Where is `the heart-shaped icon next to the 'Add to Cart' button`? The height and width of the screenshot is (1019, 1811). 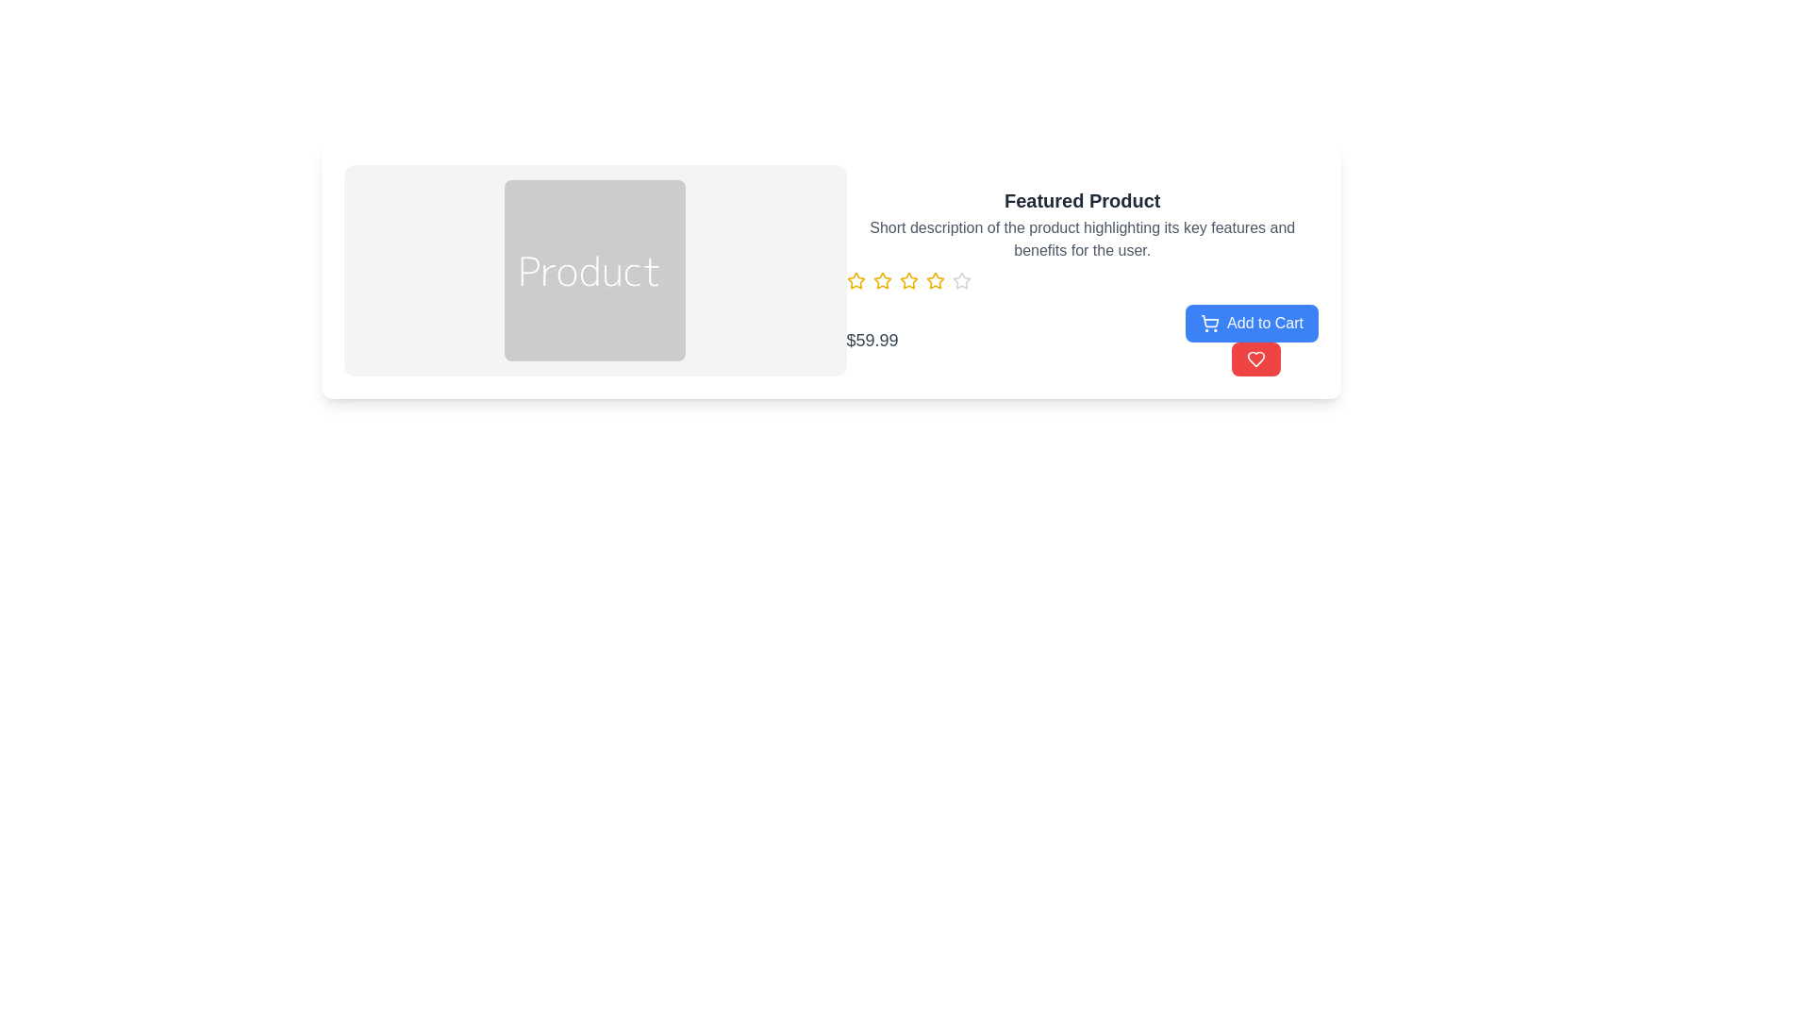
the heart-shaped icon next to the 'Add to Cart' button is located at coordinates (1255, 359).